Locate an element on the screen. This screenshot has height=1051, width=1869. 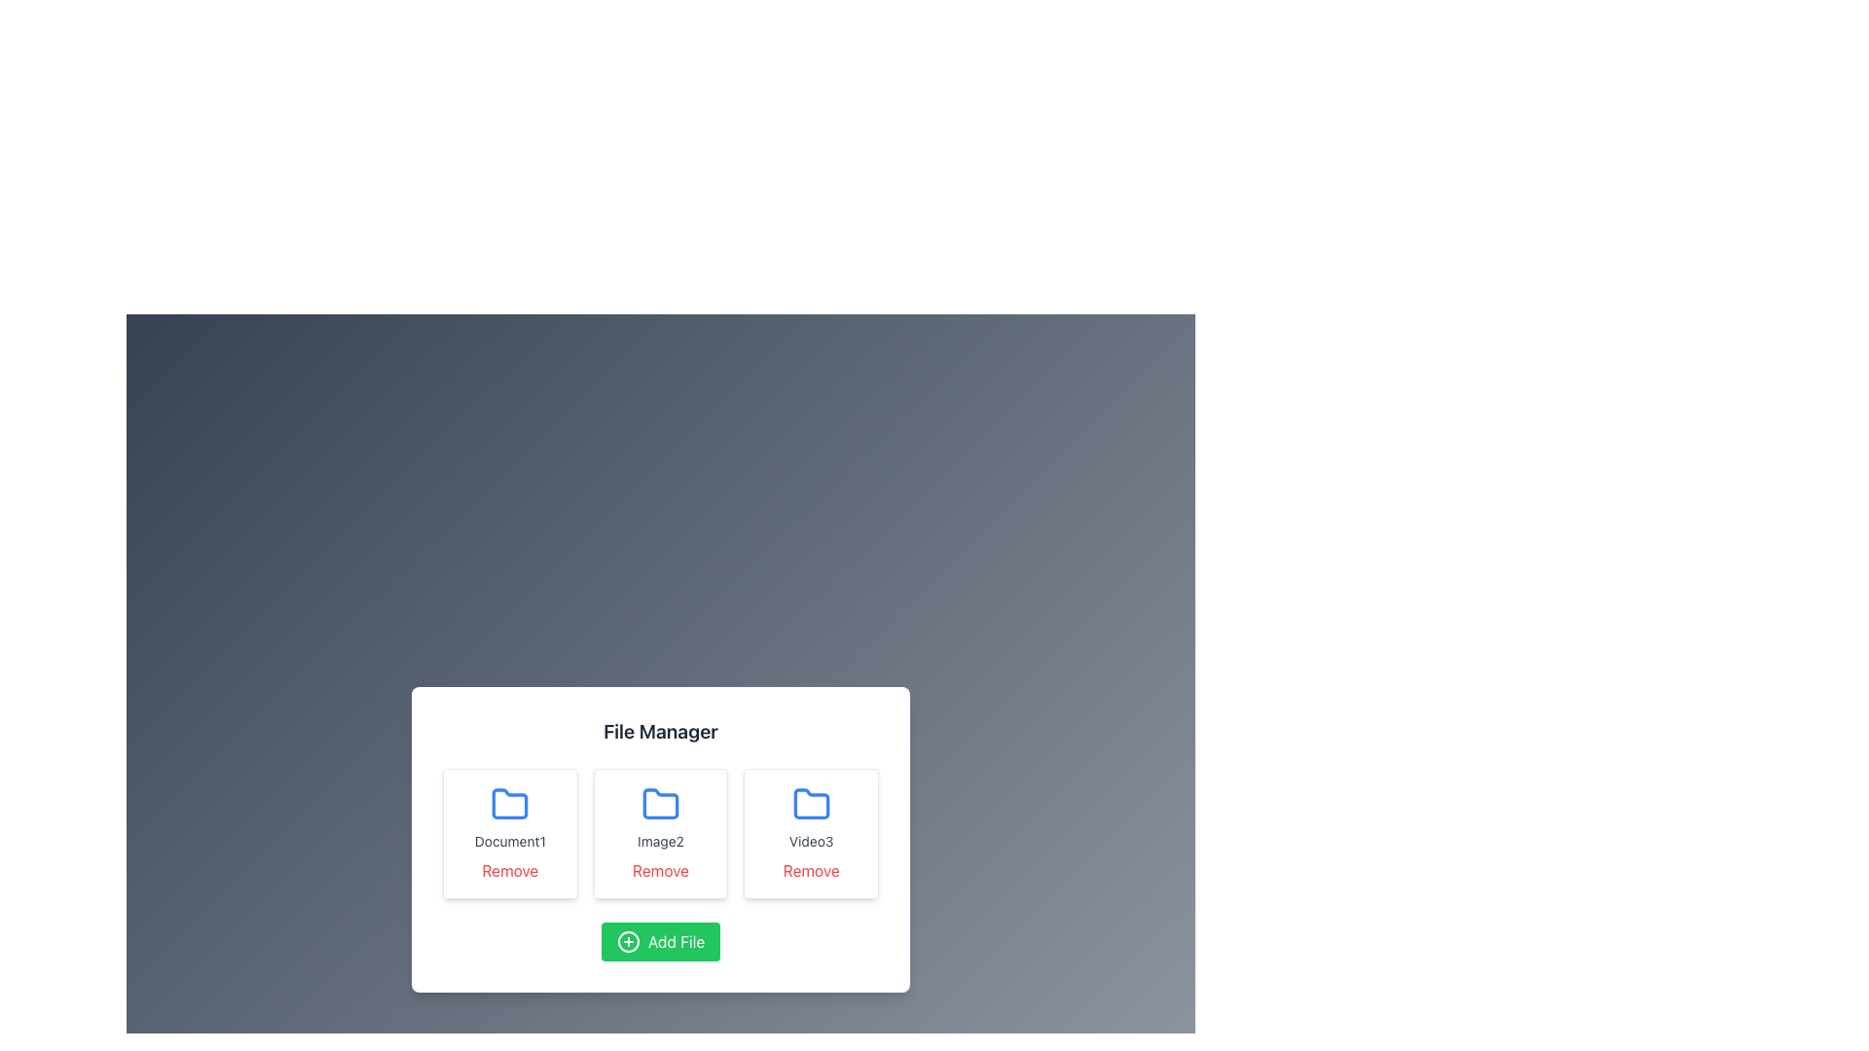
the file item labeled 'Image2' with a folder-like icon in the 'File Manager' interface is located at coordinates (660, 832).